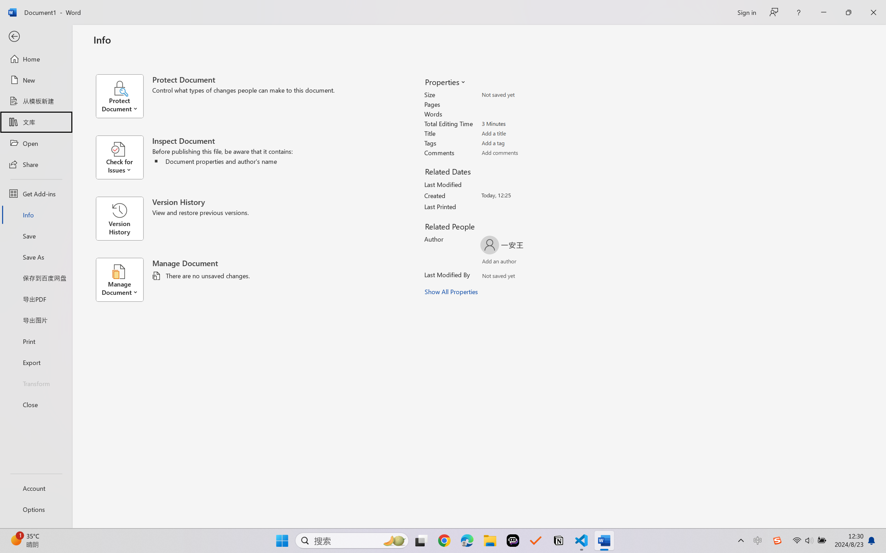  I want to click on 'Export', so click(36, 362).